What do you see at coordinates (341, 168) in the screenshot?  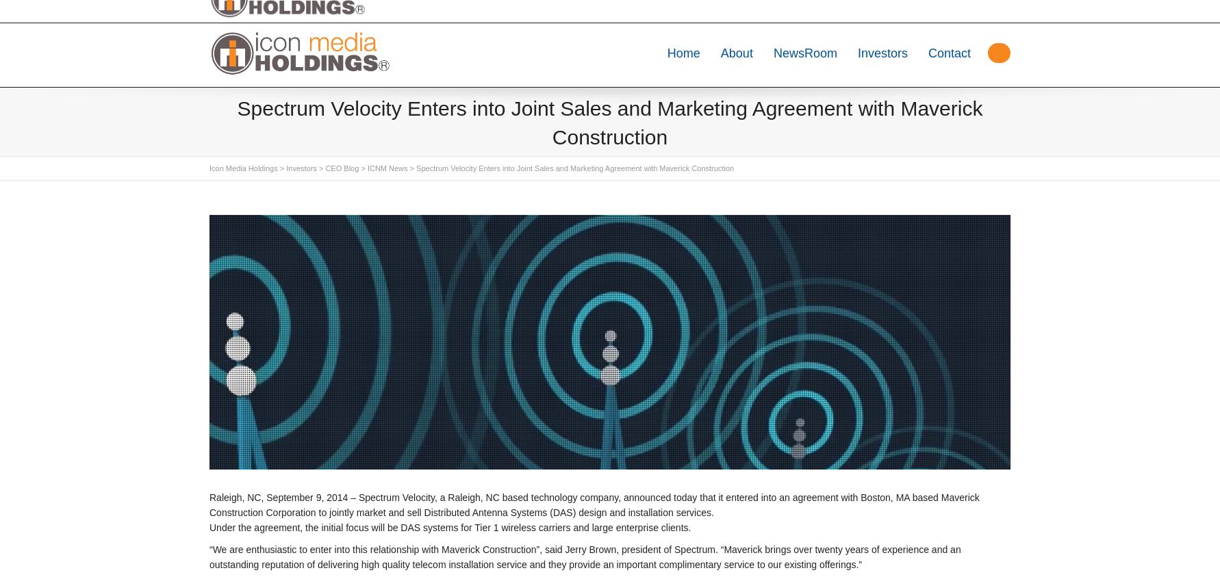 I see `'CEO Blog'` at bounding box center [341, 168].